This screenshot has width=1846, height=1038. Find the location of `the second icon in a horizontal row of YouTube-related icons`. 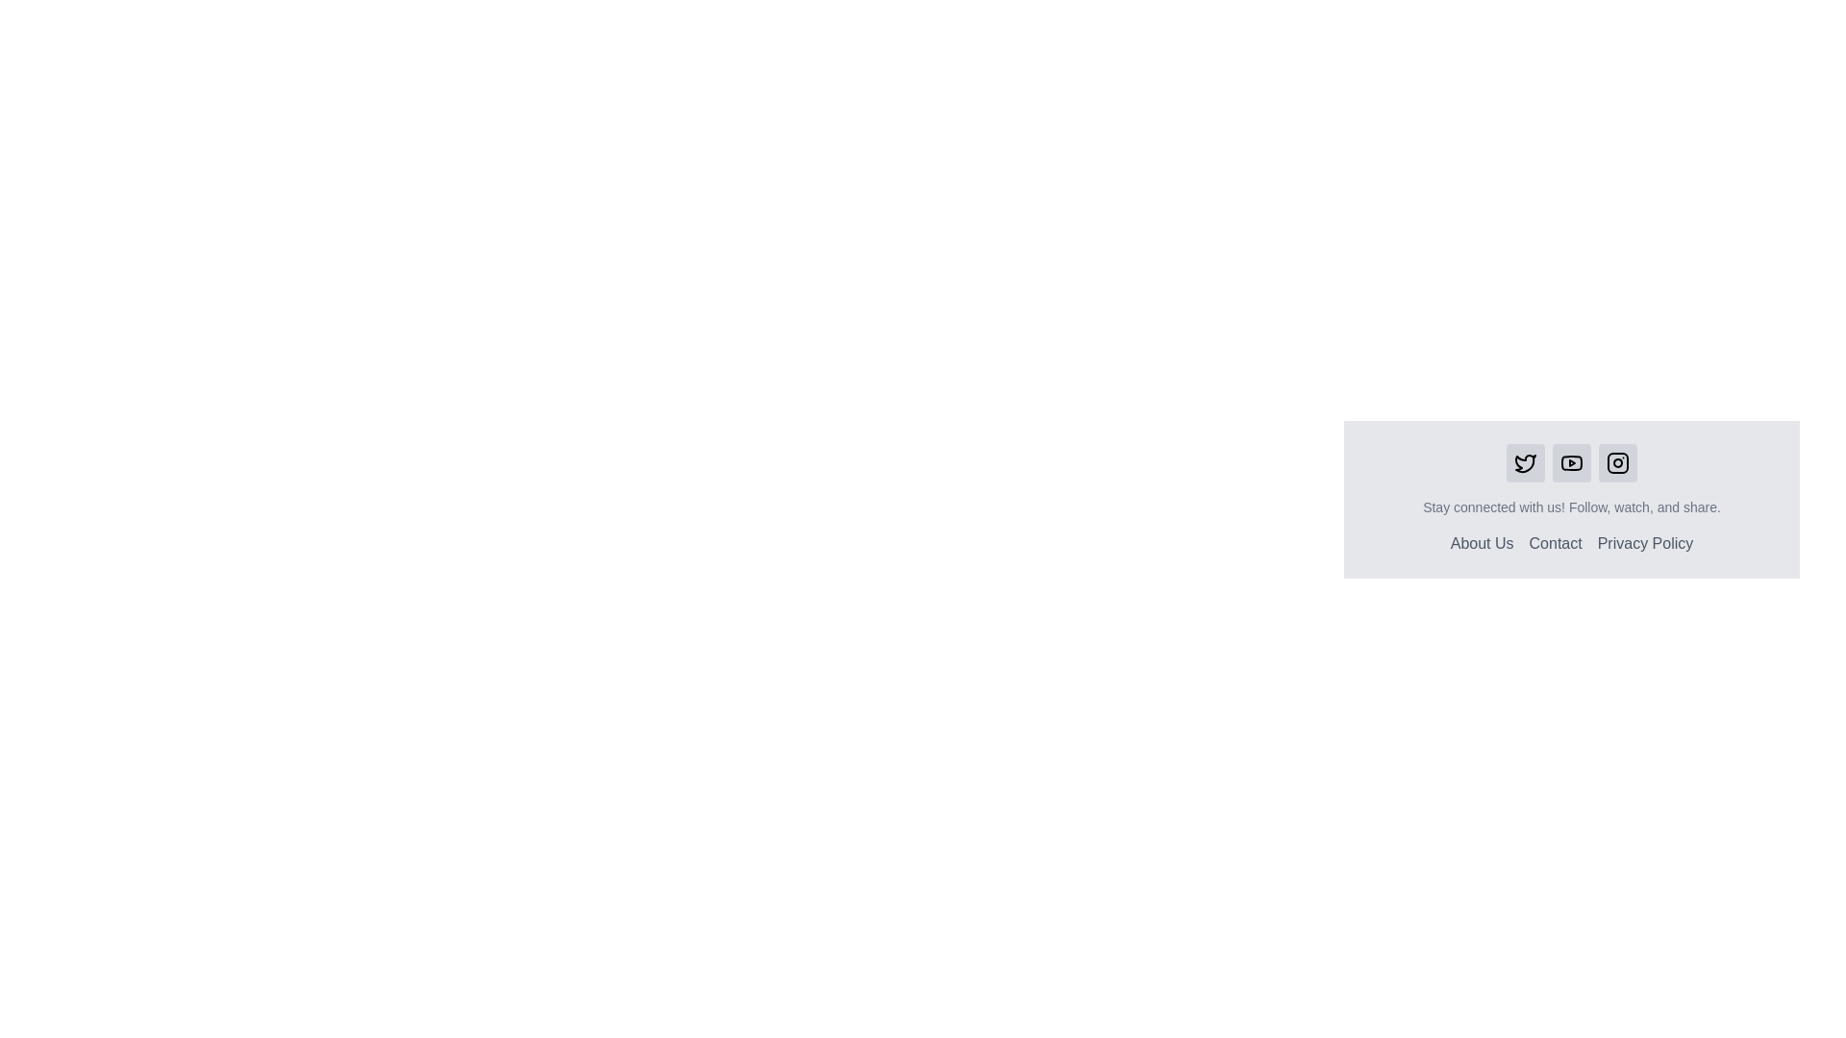

the second icon in a horizontal row of YouTube-related icons is located at coordinates (1572, 463).